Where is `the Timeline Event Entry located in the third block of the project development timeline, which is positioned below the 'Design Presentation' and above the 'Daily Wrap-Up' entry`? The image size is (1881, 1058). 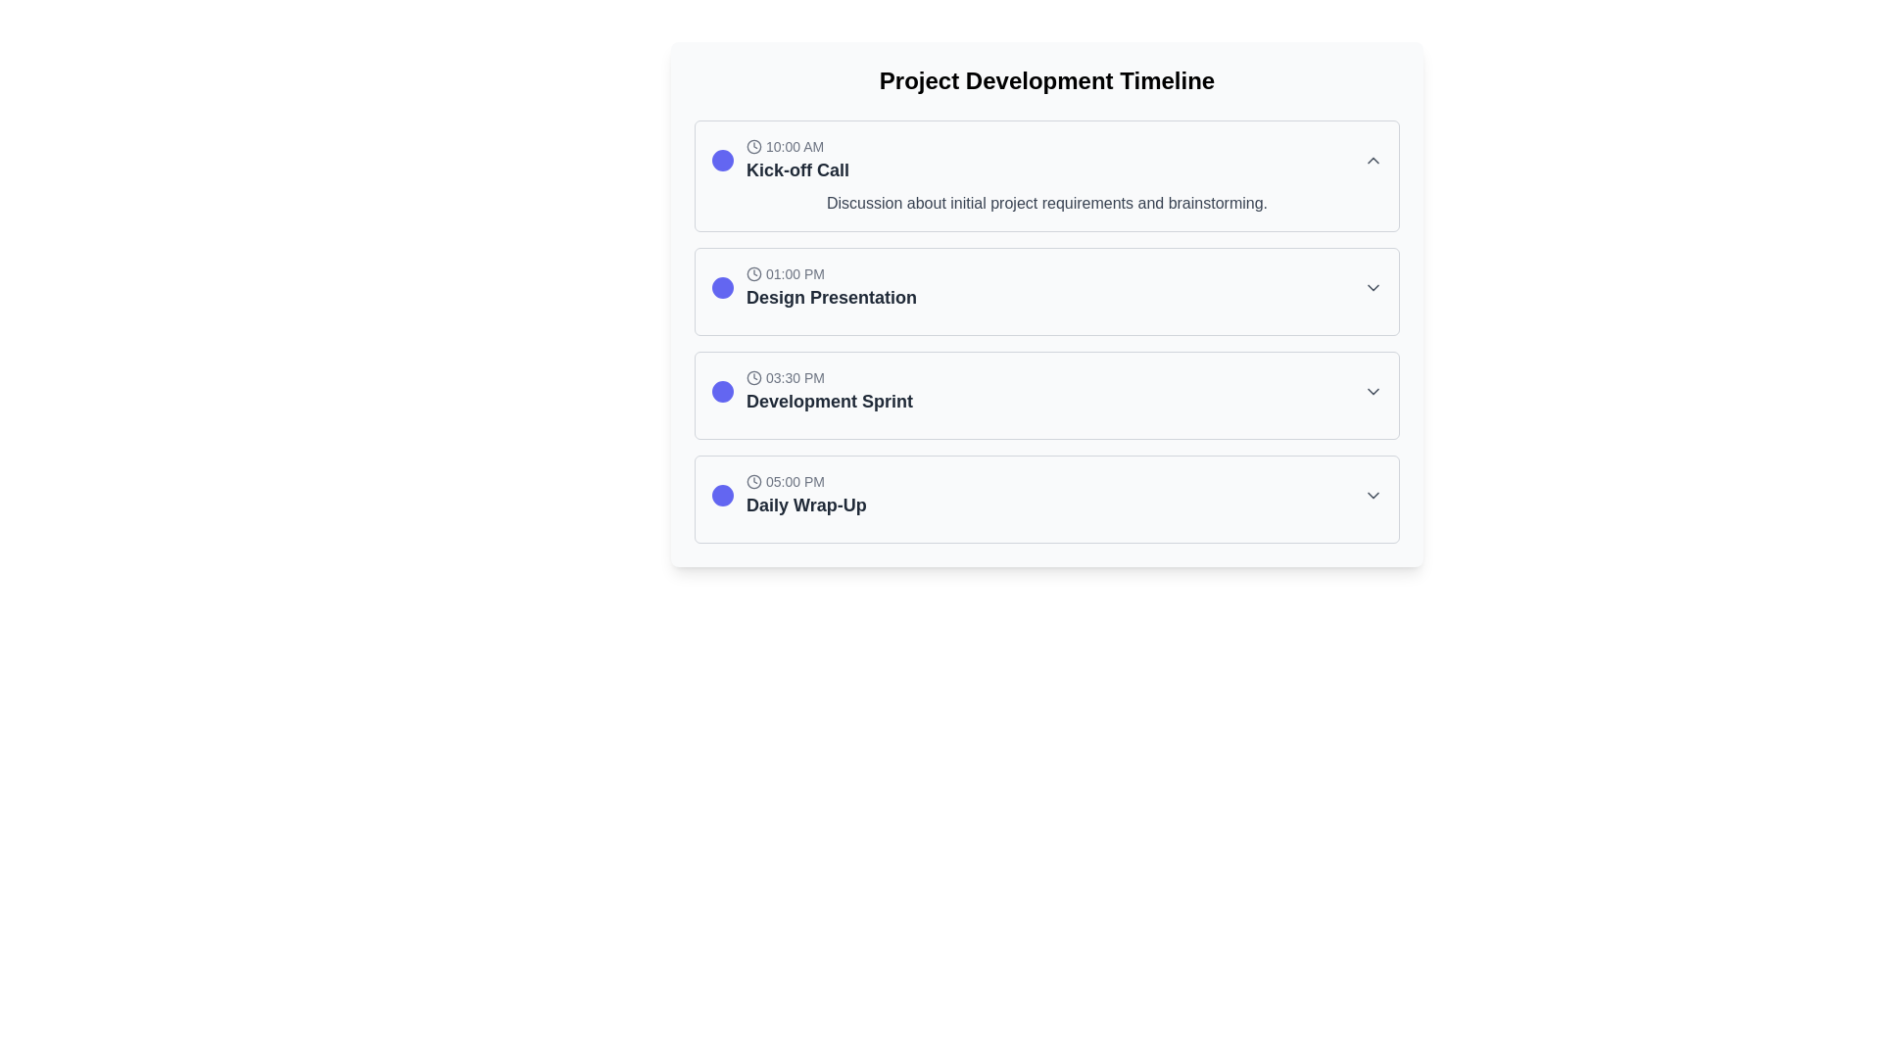 the Timeline Event Entry located in the third block of the project development timeline, which is positioned below the 'Design Presentation' and above the 'Daily Wrap-Up' entry is located at coordinates (812, 392).